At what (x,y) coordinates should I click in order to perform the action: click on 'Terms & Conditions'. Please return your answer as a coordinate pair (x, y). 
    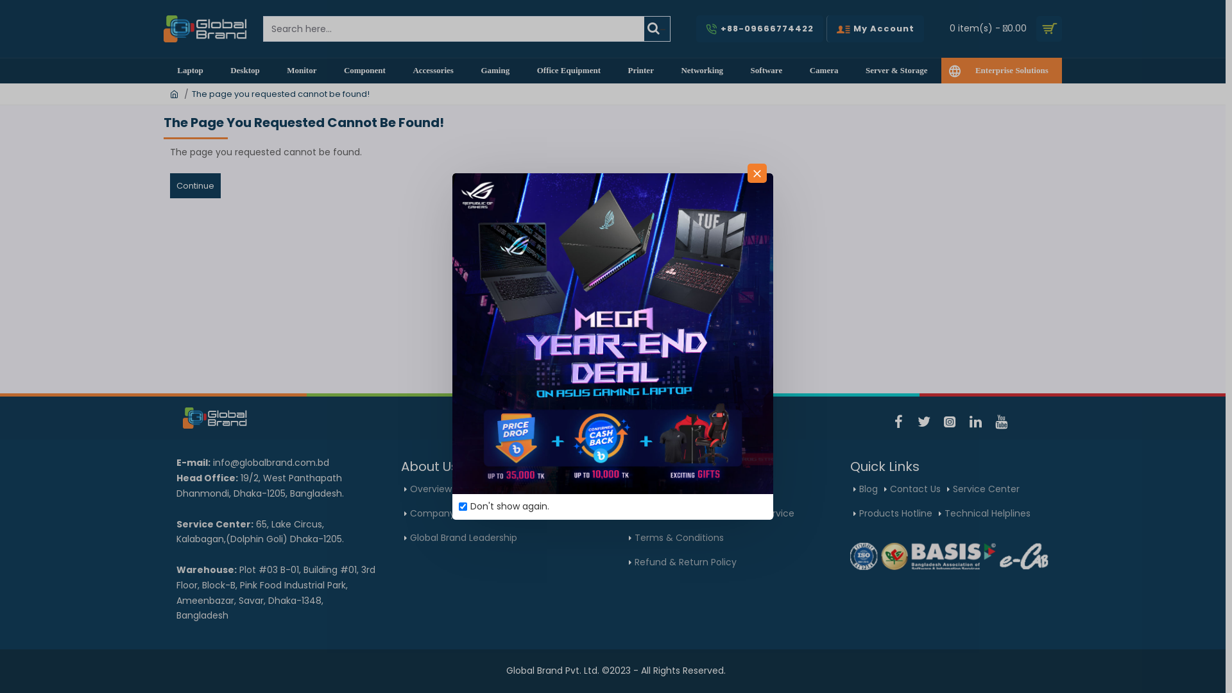
    Looking at the image, I should click on (676, 538).